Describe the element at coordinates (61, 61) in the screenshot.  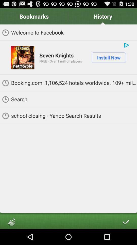
I see `the icon above booking com 1 item` at that location.